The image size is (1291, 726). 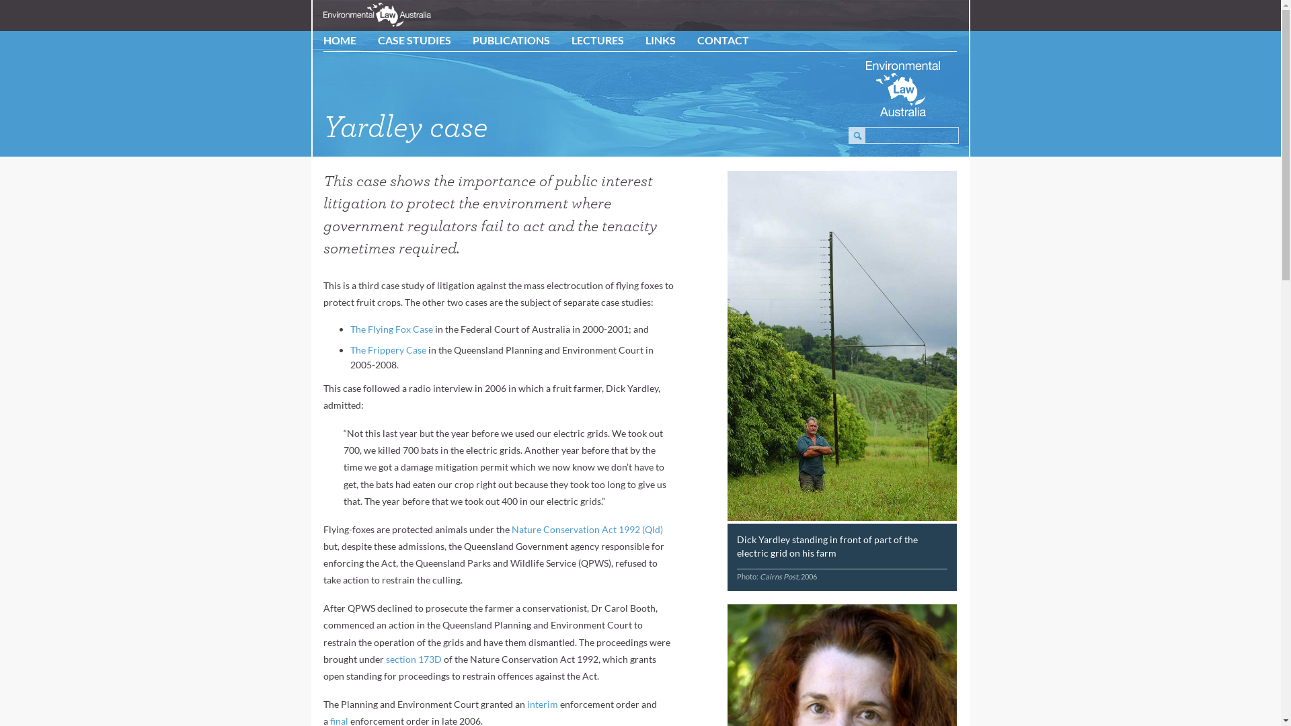 I want to click on 'interim', so click(x=542, y=703).